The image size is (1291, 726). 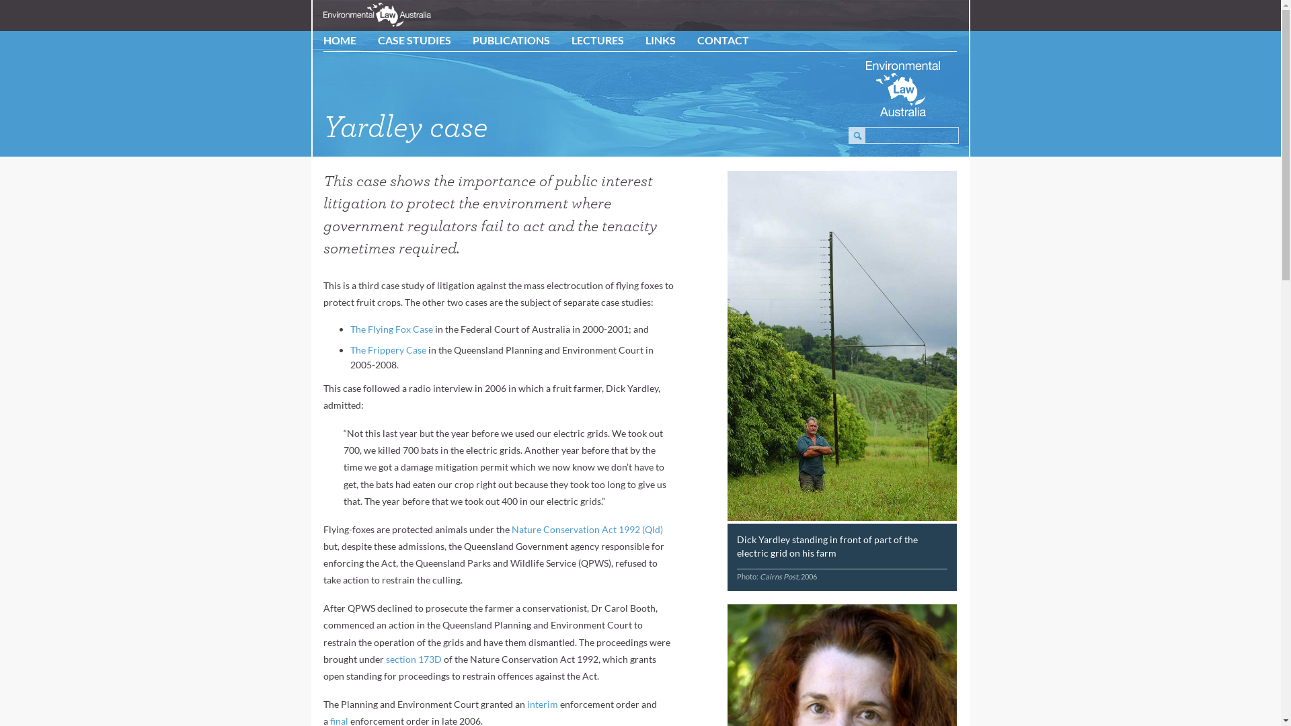 I want to click on 'interim', so click(x=542, y=703).